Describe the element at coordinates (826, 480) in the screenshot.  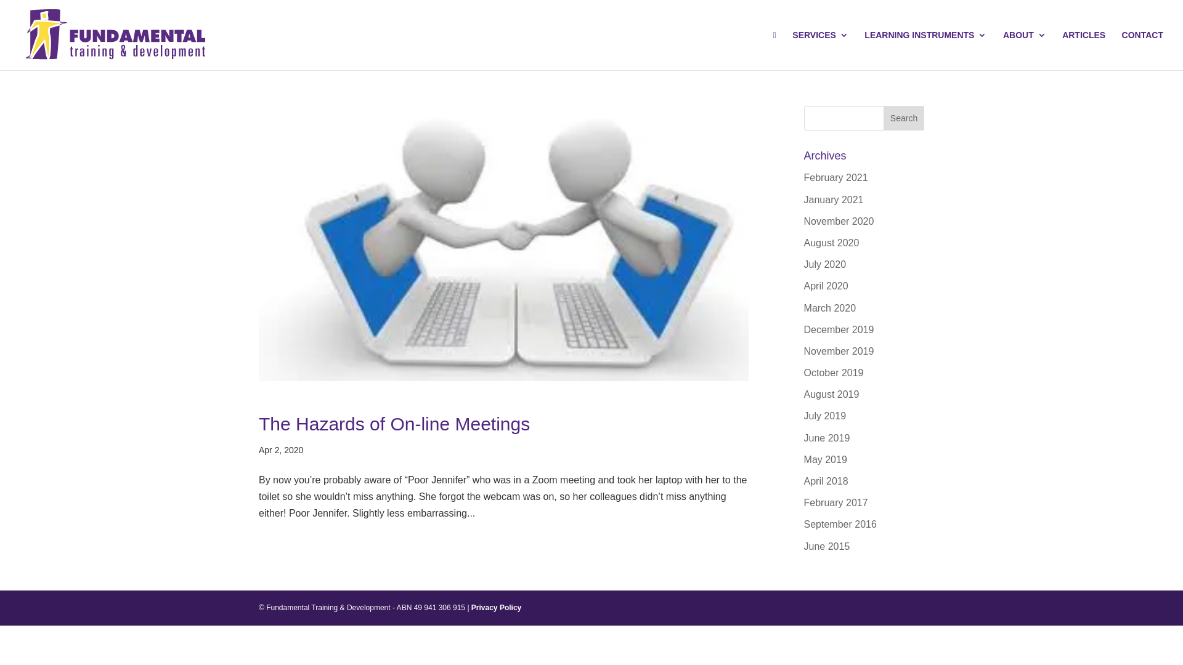
I see `'April 2018'` at that location.